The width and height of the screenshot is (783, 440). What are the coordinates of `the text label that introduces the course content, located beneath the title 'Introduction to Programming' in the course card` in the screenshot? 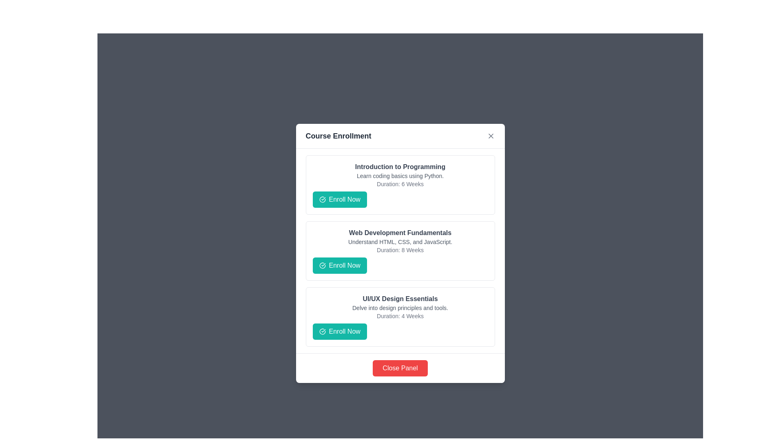 It's located at (400, 176).